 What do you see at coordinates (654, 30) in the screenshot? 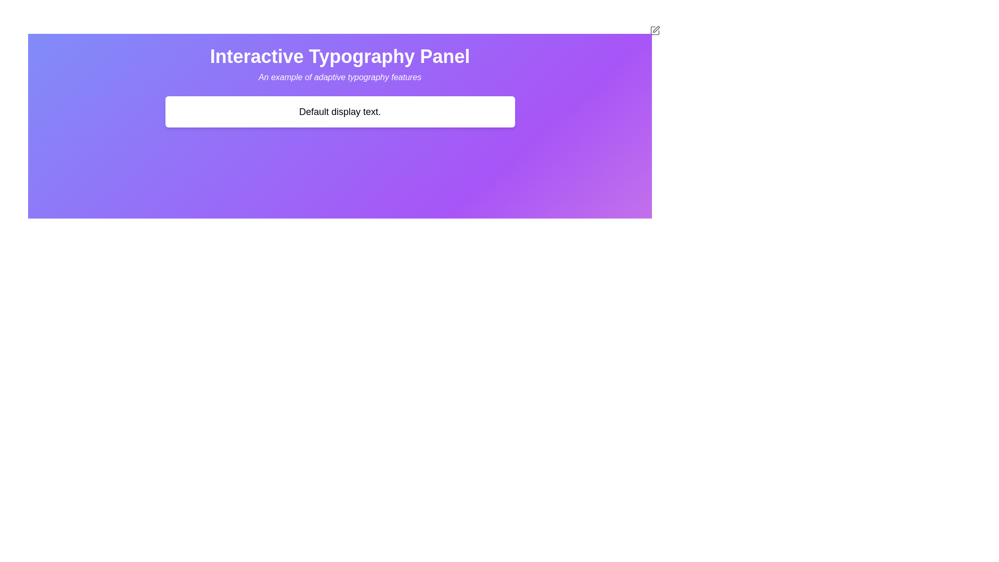
I see `the SVG icon resembling a pen or pencil within a square, located in the top-right corner of a white rectangular element` at bounding box center [654, 30].